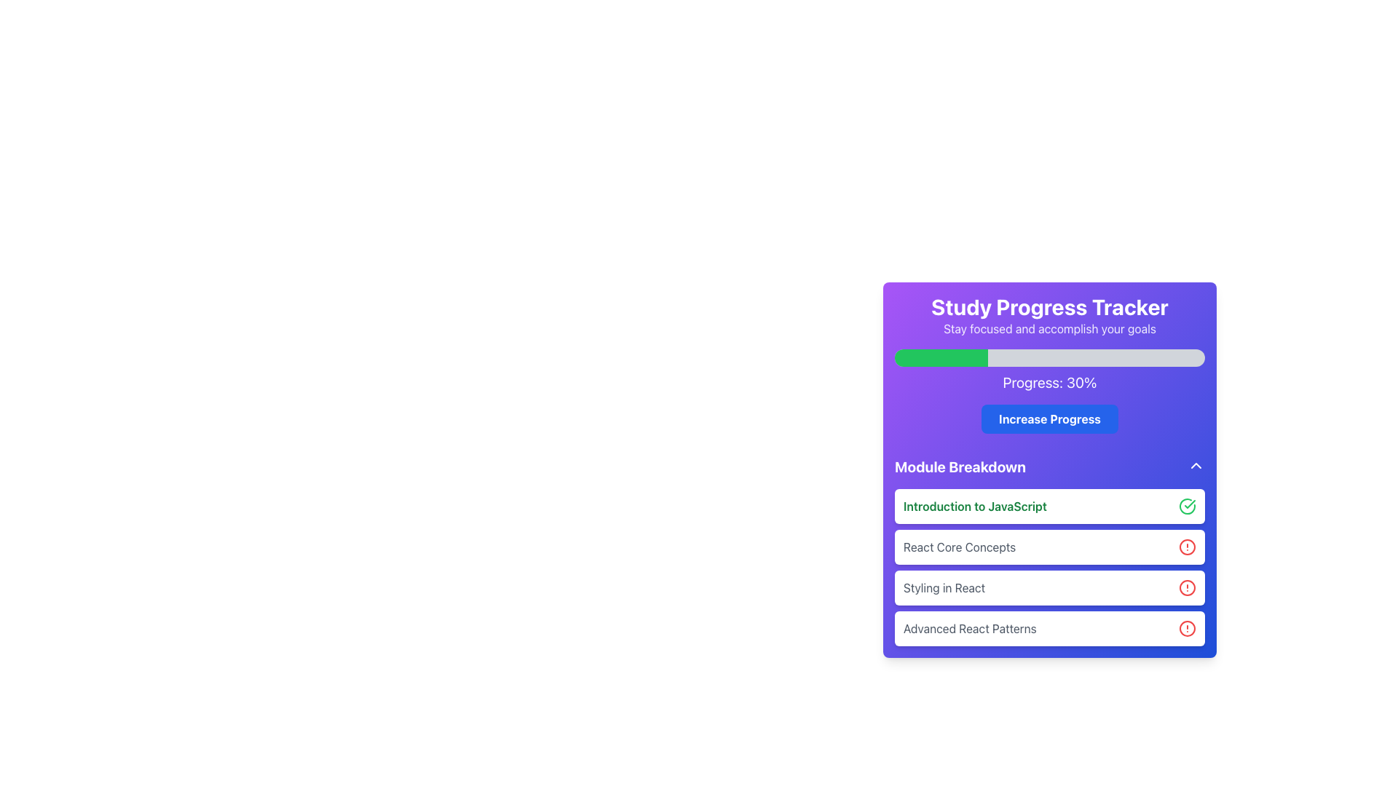 The image size is (1398, 786). What do you see at coordinates (1049, 381) in the screenshot?
I see `the centered text displaying 'Progress: 30%' which is styled in white, bold font and located beneath the horizontal progress bar` at bounding box center [1049, 381].